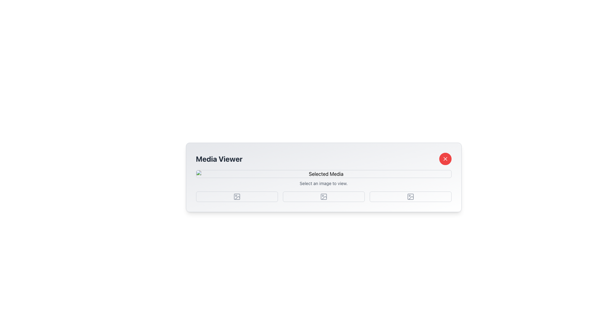 The height and width of the screenshot is (332, 591). I want to click on the square-shaped button with a gray graphic in the bottom-right corner of the 'Media Viewer' module, so click(410, 197).